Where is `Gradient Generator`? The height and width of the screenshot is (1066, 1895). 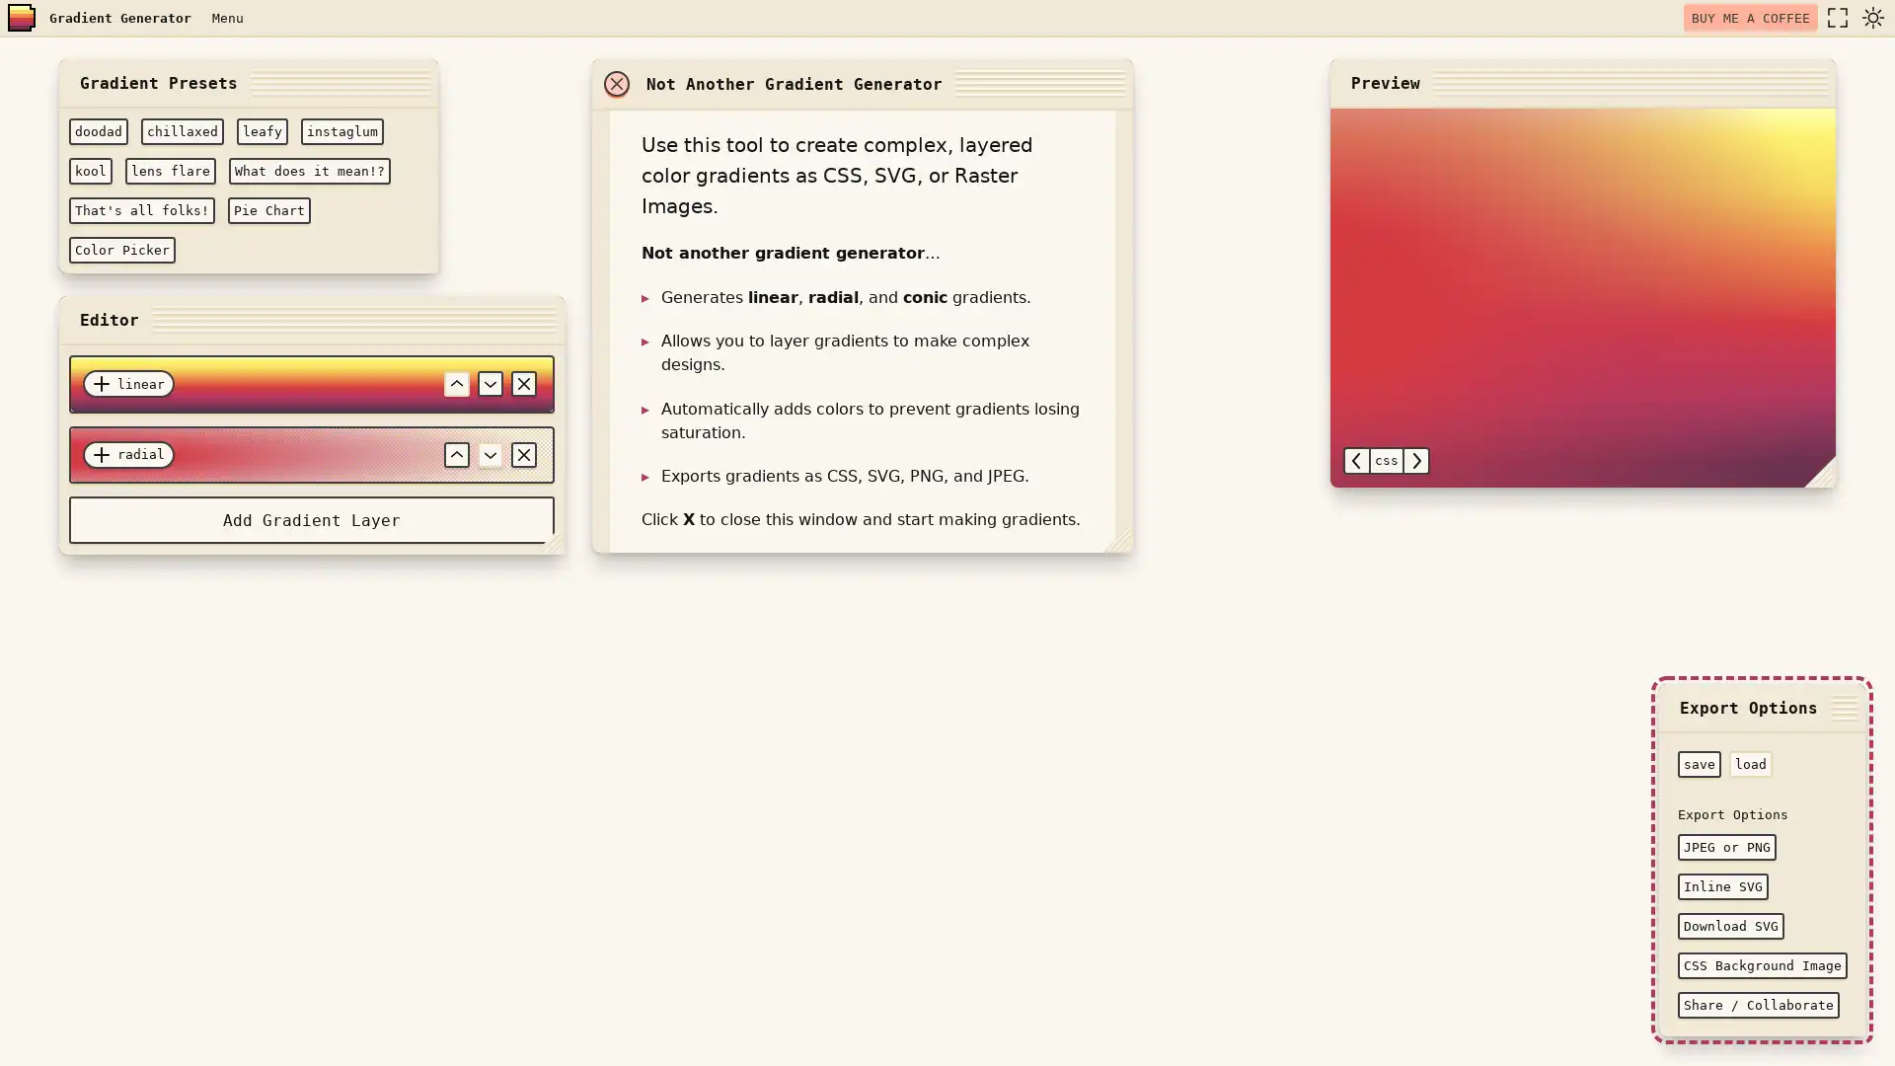
Gradient Generator is located at coordinates (118, 18).